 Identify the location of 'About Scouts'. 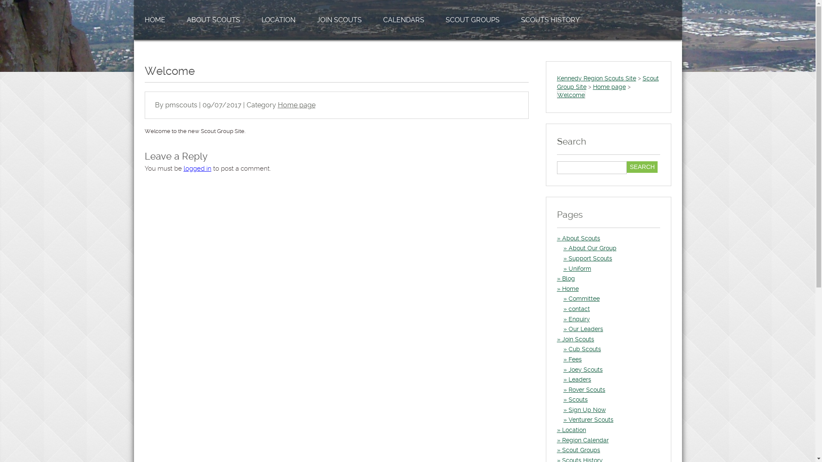
(557, 238).